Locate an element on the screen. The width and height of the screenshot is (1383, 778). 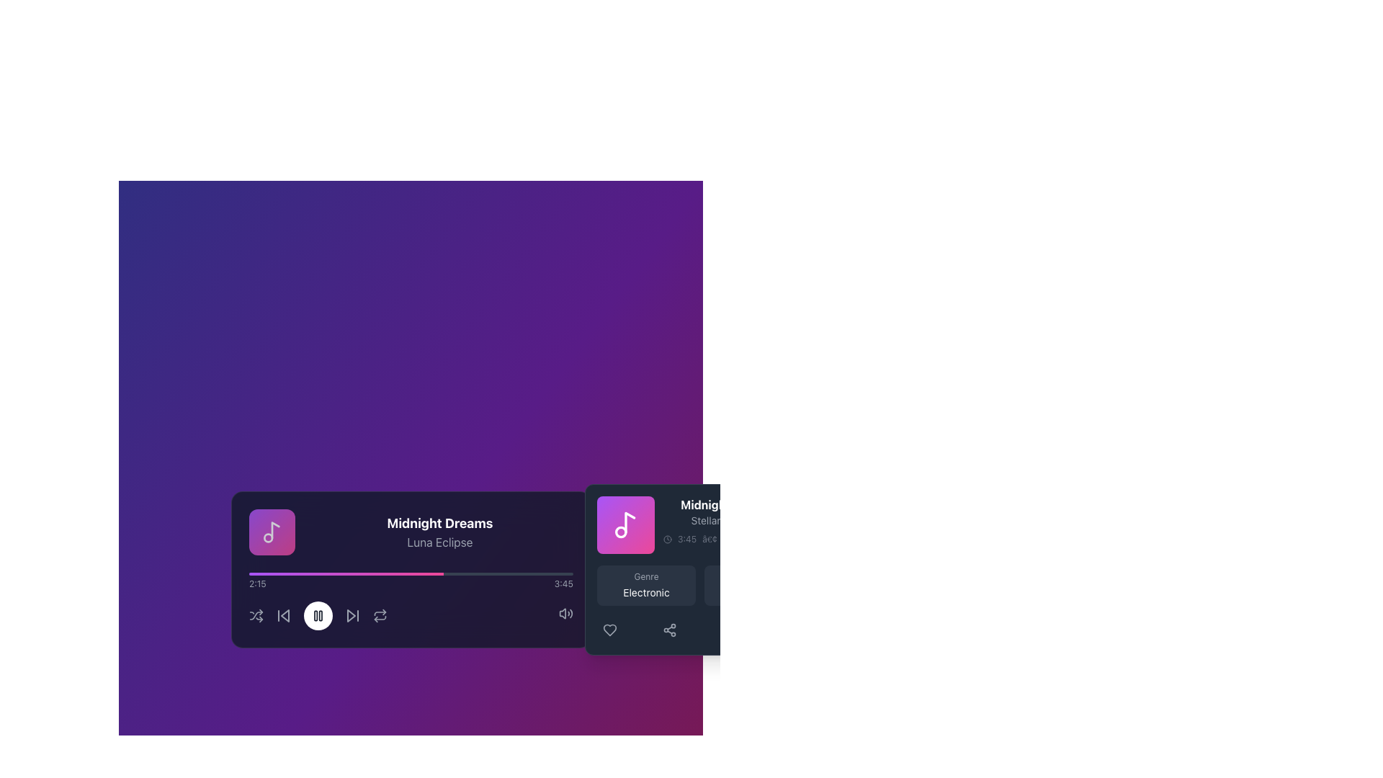
the square-shaped visual icon with a gradient background transitioning from purple to pink and a white music note symbol in the center, located at the far-left side of the music player interface, to identify the track is located at coordinates (272, 532).